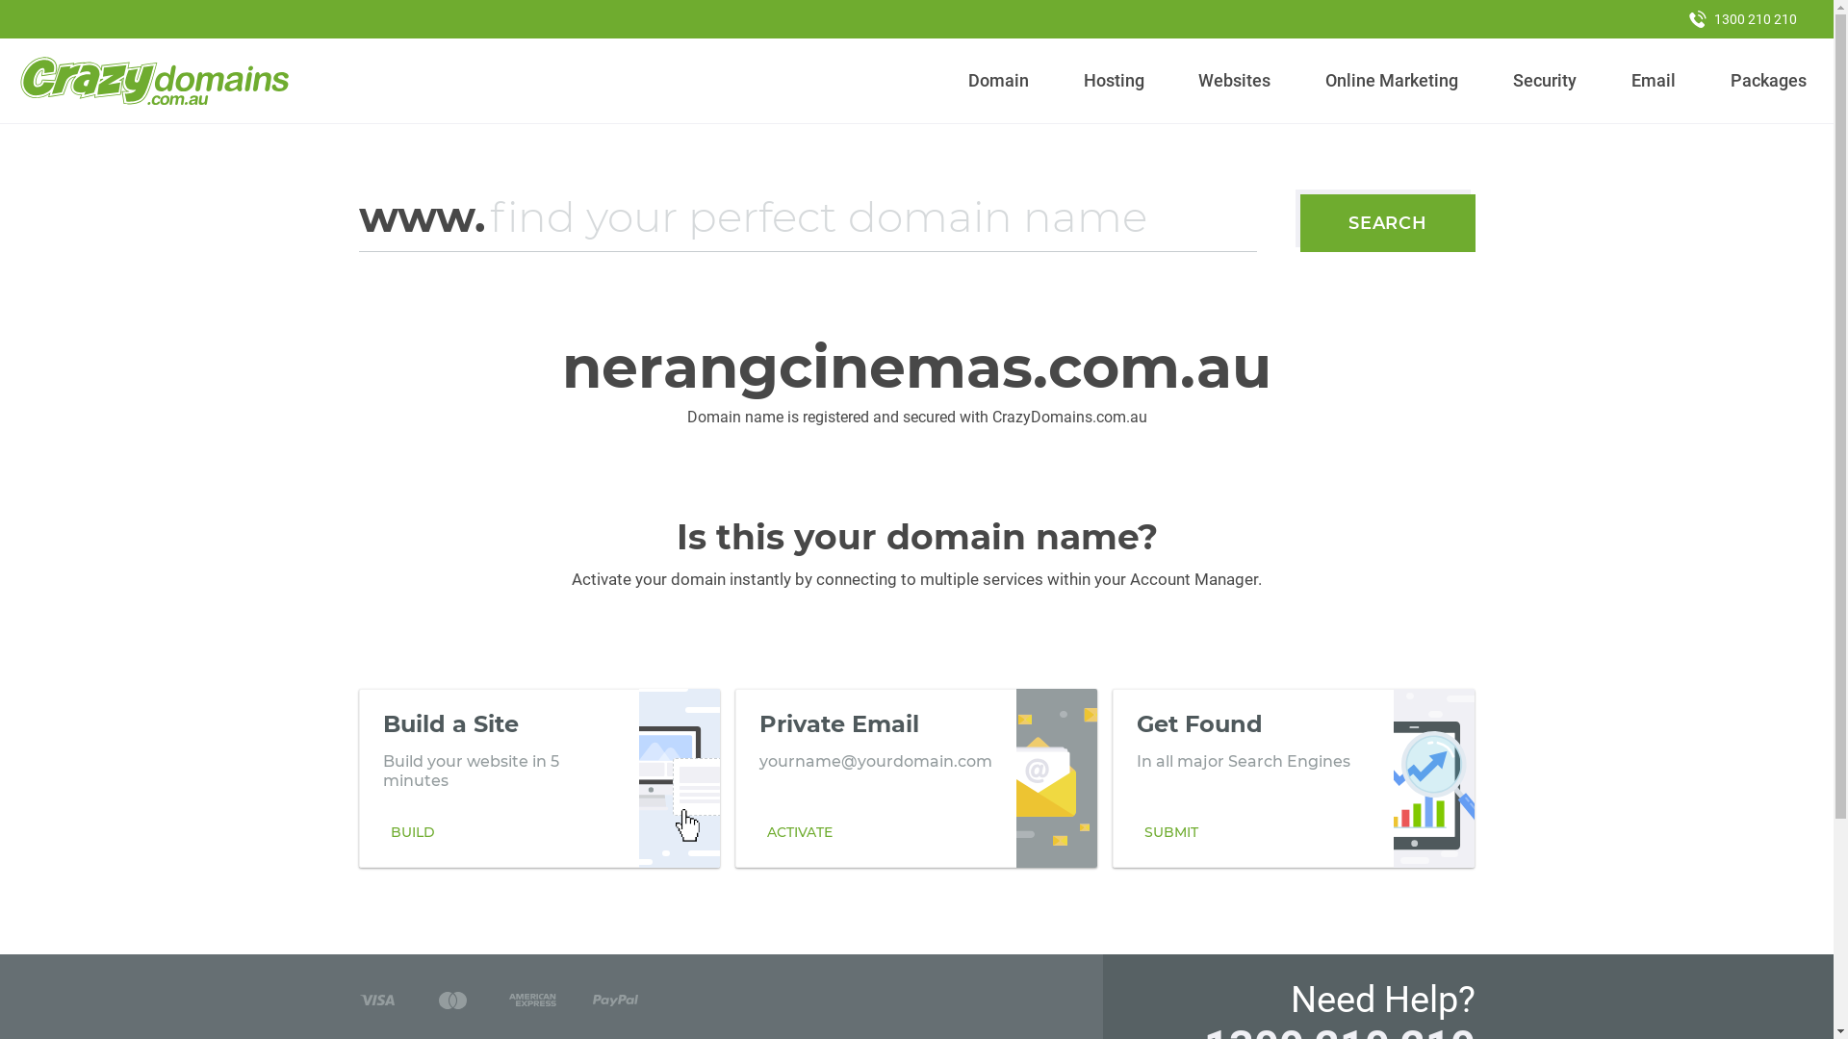  Describe the element at coordinates (1294, 777) in the screenshot. I see `'Get Found` at that location.